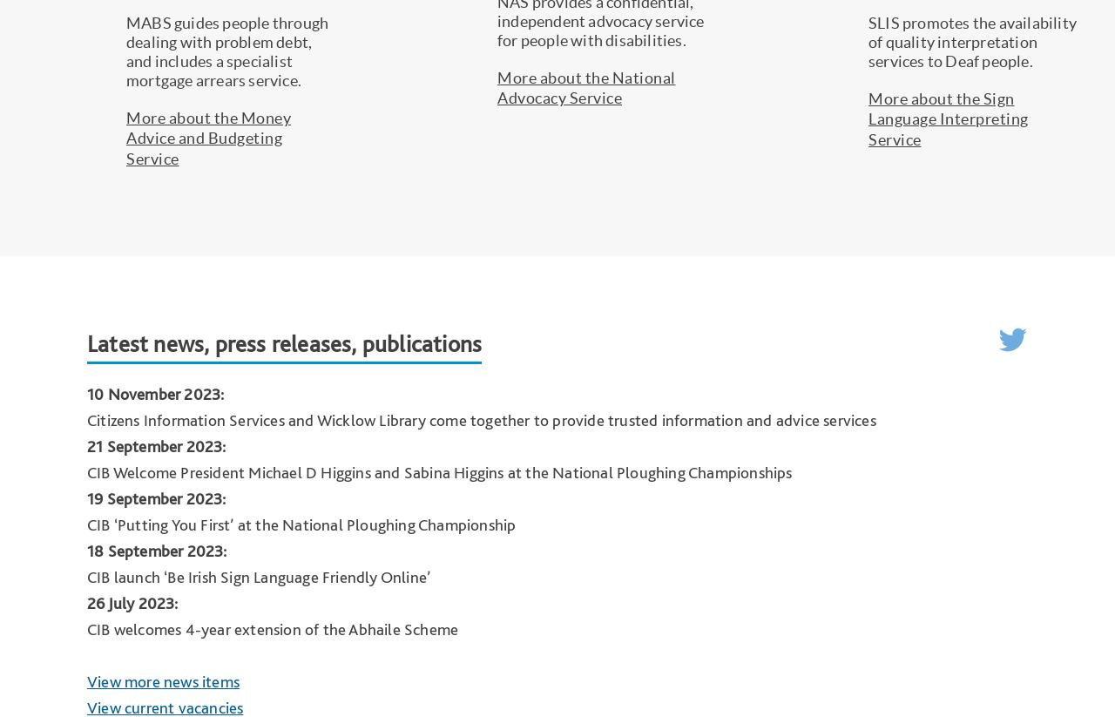  I want to click on 'View more news items', so click(163, 680).